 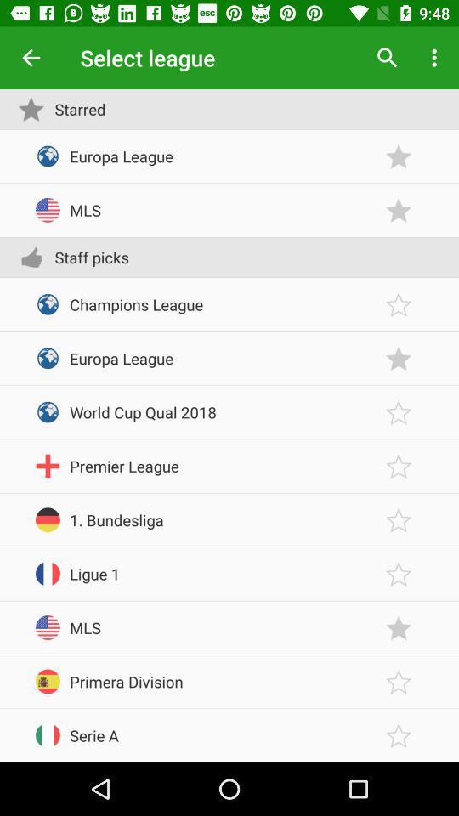 I want to click on item next to the select league, so click(x=387, y=58).